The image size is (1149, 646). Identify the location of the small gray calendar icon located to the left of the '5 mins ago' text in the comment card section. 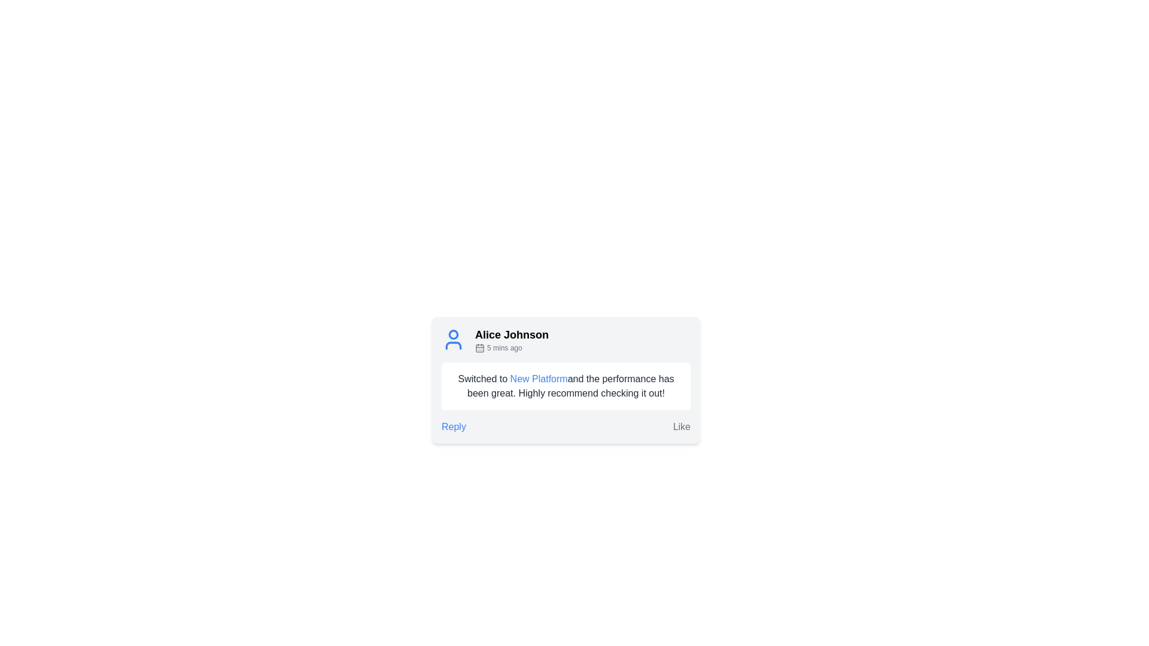
(479, 348).